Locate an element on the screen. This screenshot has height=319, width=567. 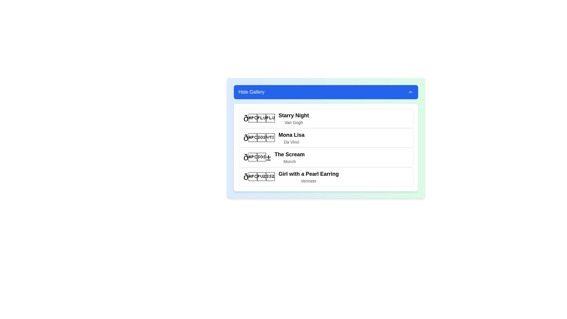
the text label representing 'Girl with a Pearl Earring' by Vermeer, located in the bottom-most entry of the 'Hide Gallery' sidebar list is located at coordinates (308, 176).